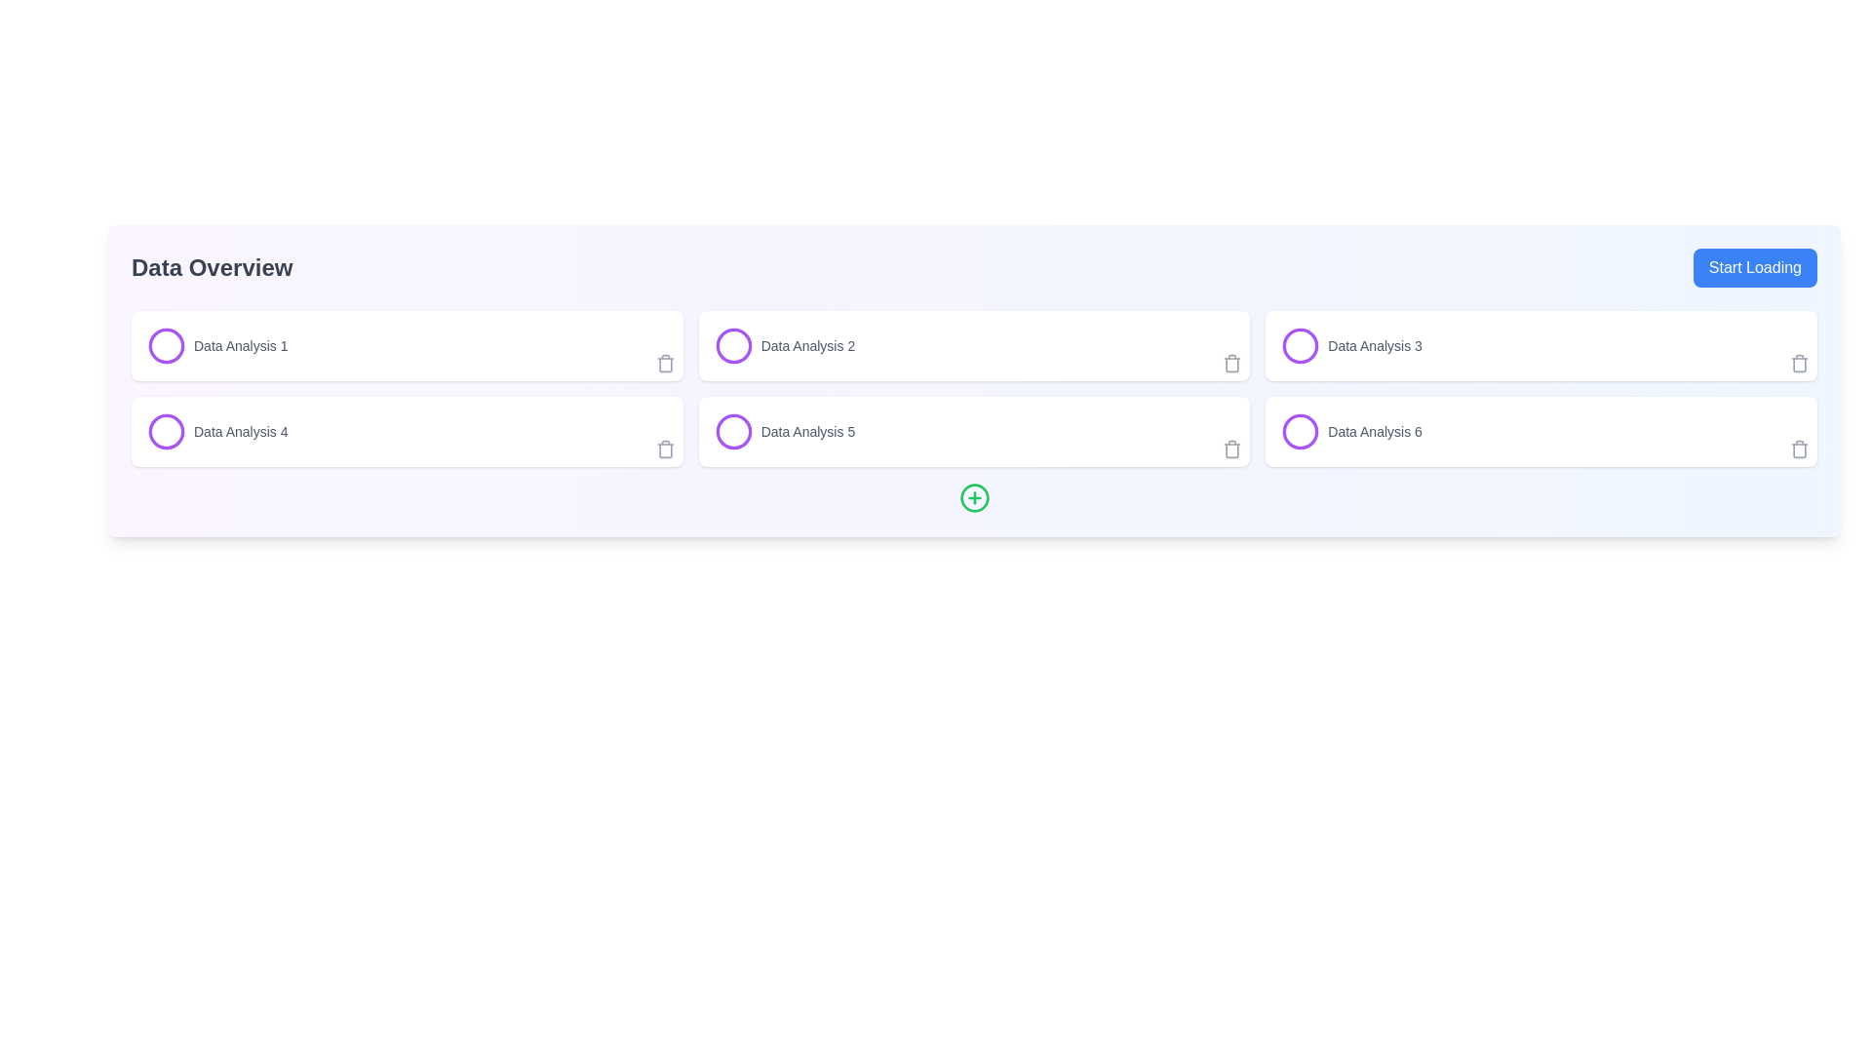 The width and height of the screenshot is (1872, 1053). What do you see at coordinates (1231, 450) in the screenshot?
I see `the trash can icon graphical component located in the bottom-right corner of the 'Data Analysis 5' card` at bounding box center [1231, 450].